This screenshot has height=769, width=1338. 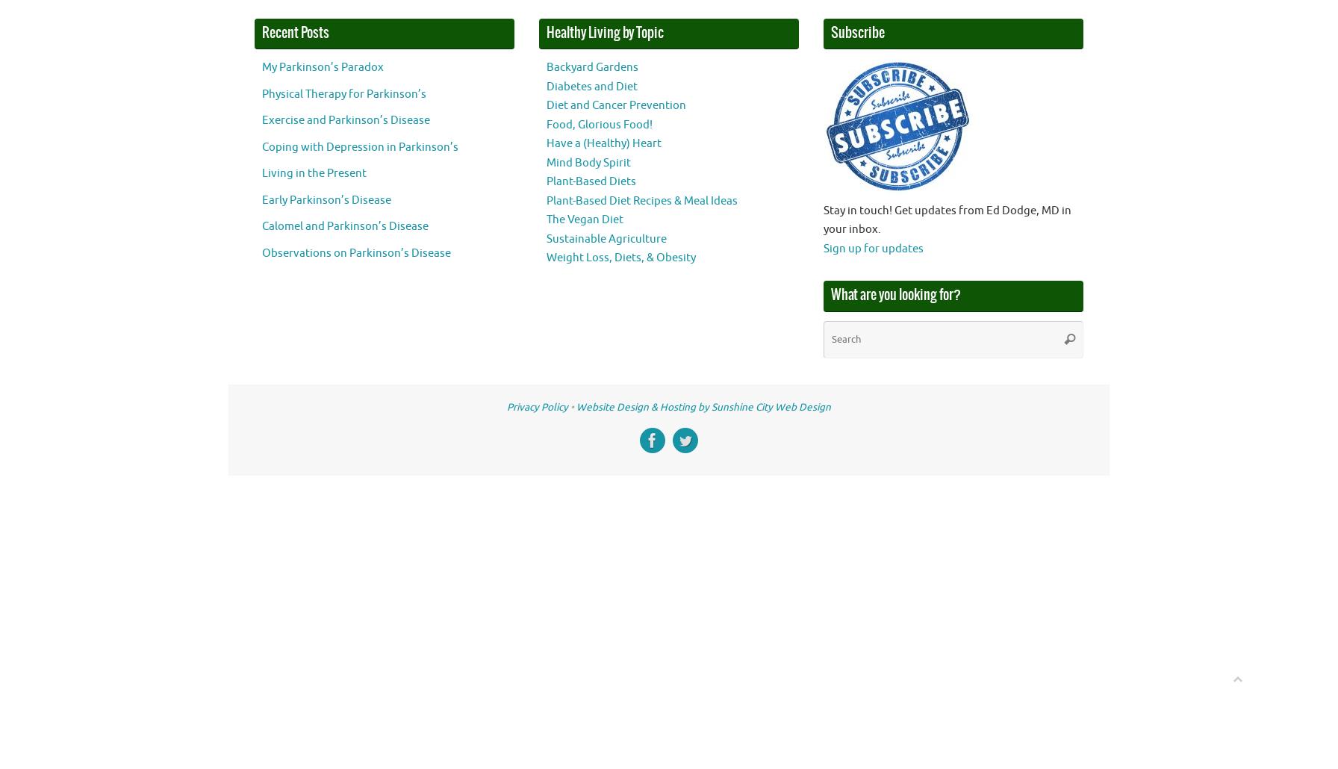 What do you see at coordinates (296, 32) in the screenshot?
I see `'Recent Posts'` at bounding box center [296, 32].